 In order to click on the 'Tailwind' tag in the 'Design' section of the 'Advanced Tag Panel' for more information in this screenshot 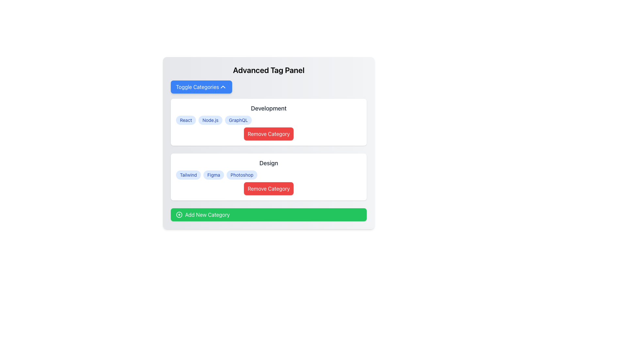, I will do `click(188, 174)`.